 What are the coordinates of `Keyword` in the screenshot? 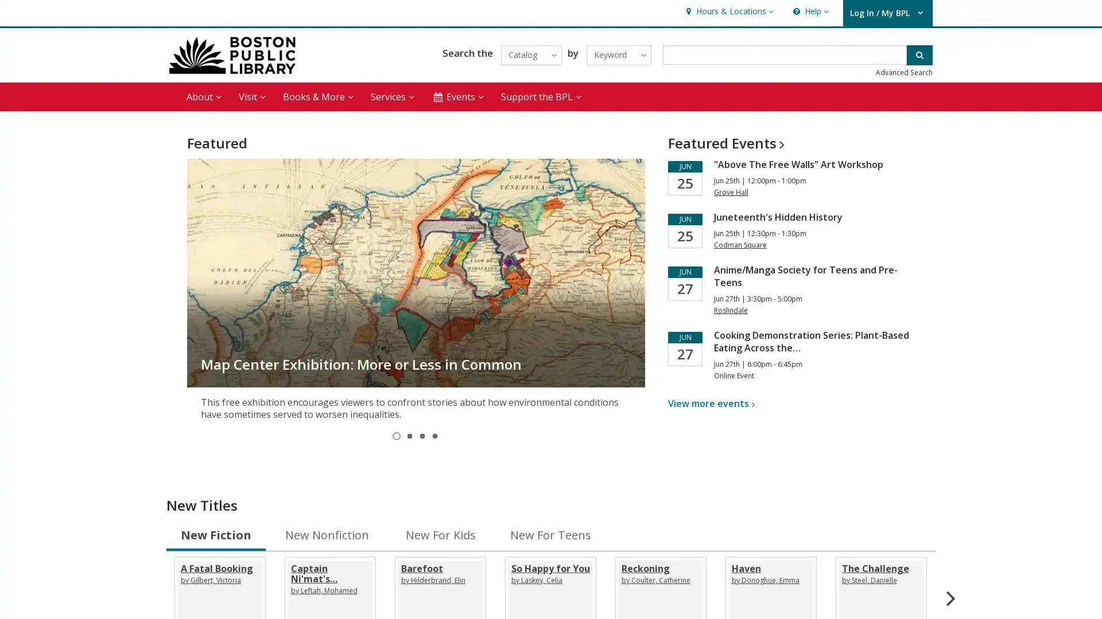 It's located at (618, 54).